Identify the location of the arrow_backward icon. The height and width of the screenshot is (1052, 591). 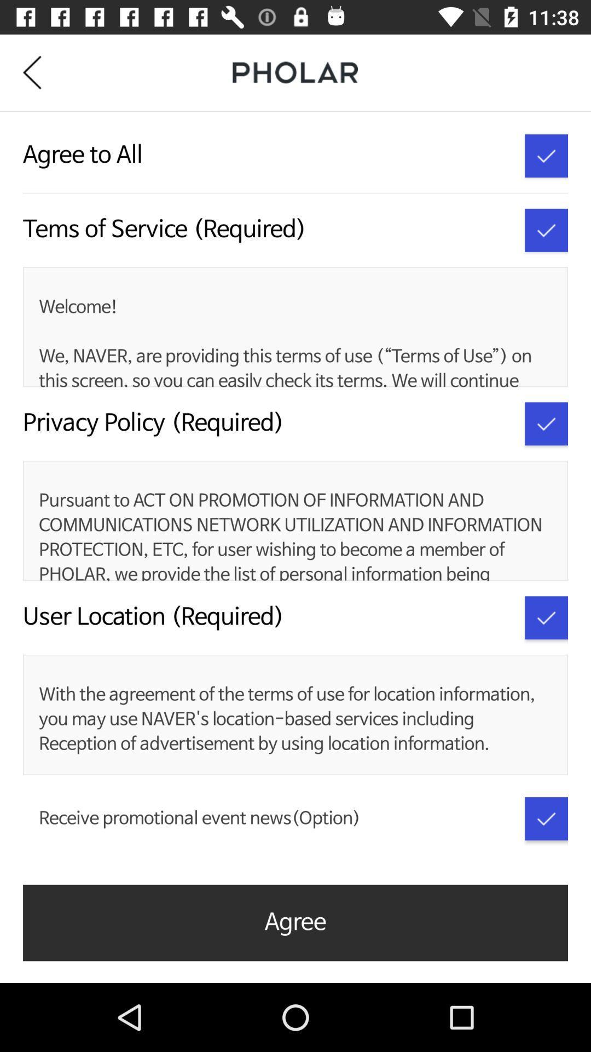
(39, 72).